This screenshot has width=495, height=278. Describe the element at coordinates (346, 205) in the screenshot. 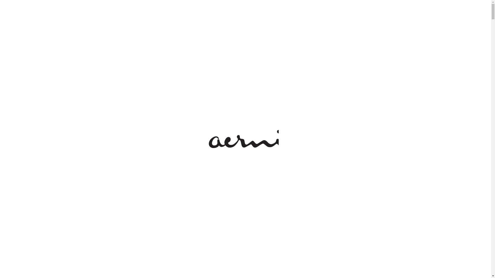

I see `'Versandkosten'` at that location.